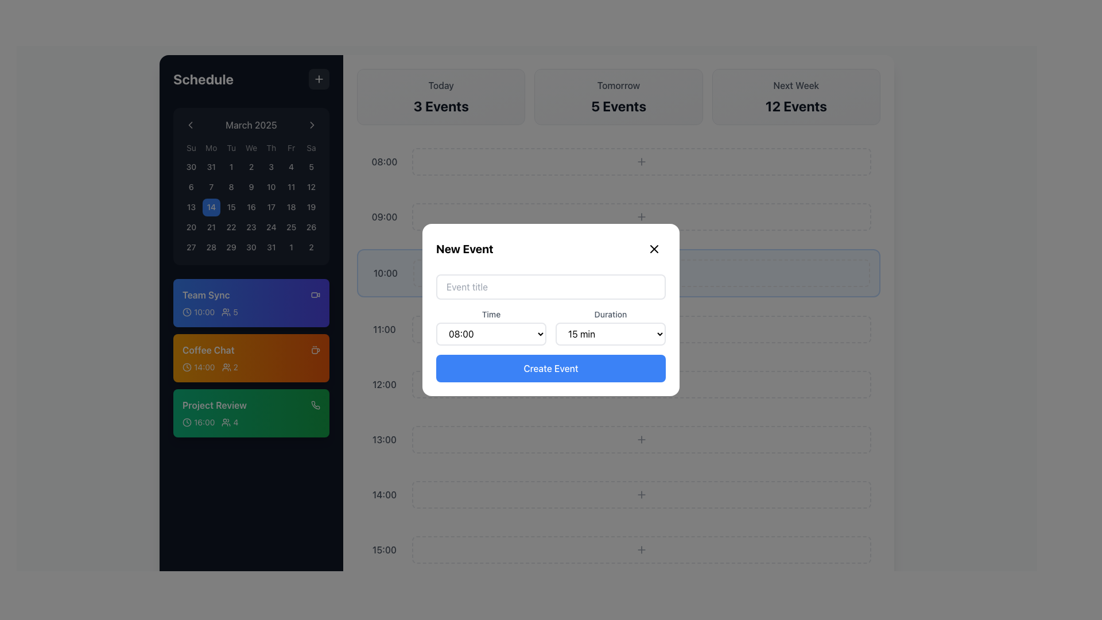 The width and height of the screenshot is (1102, 620). What do you see at coordinates (385, 494) in the screenshot?
I see `the text label displaying the time '14:00' in a gray sans-serif font, positioned on the left side of the timeline interface` at bounding box center [385, 494].